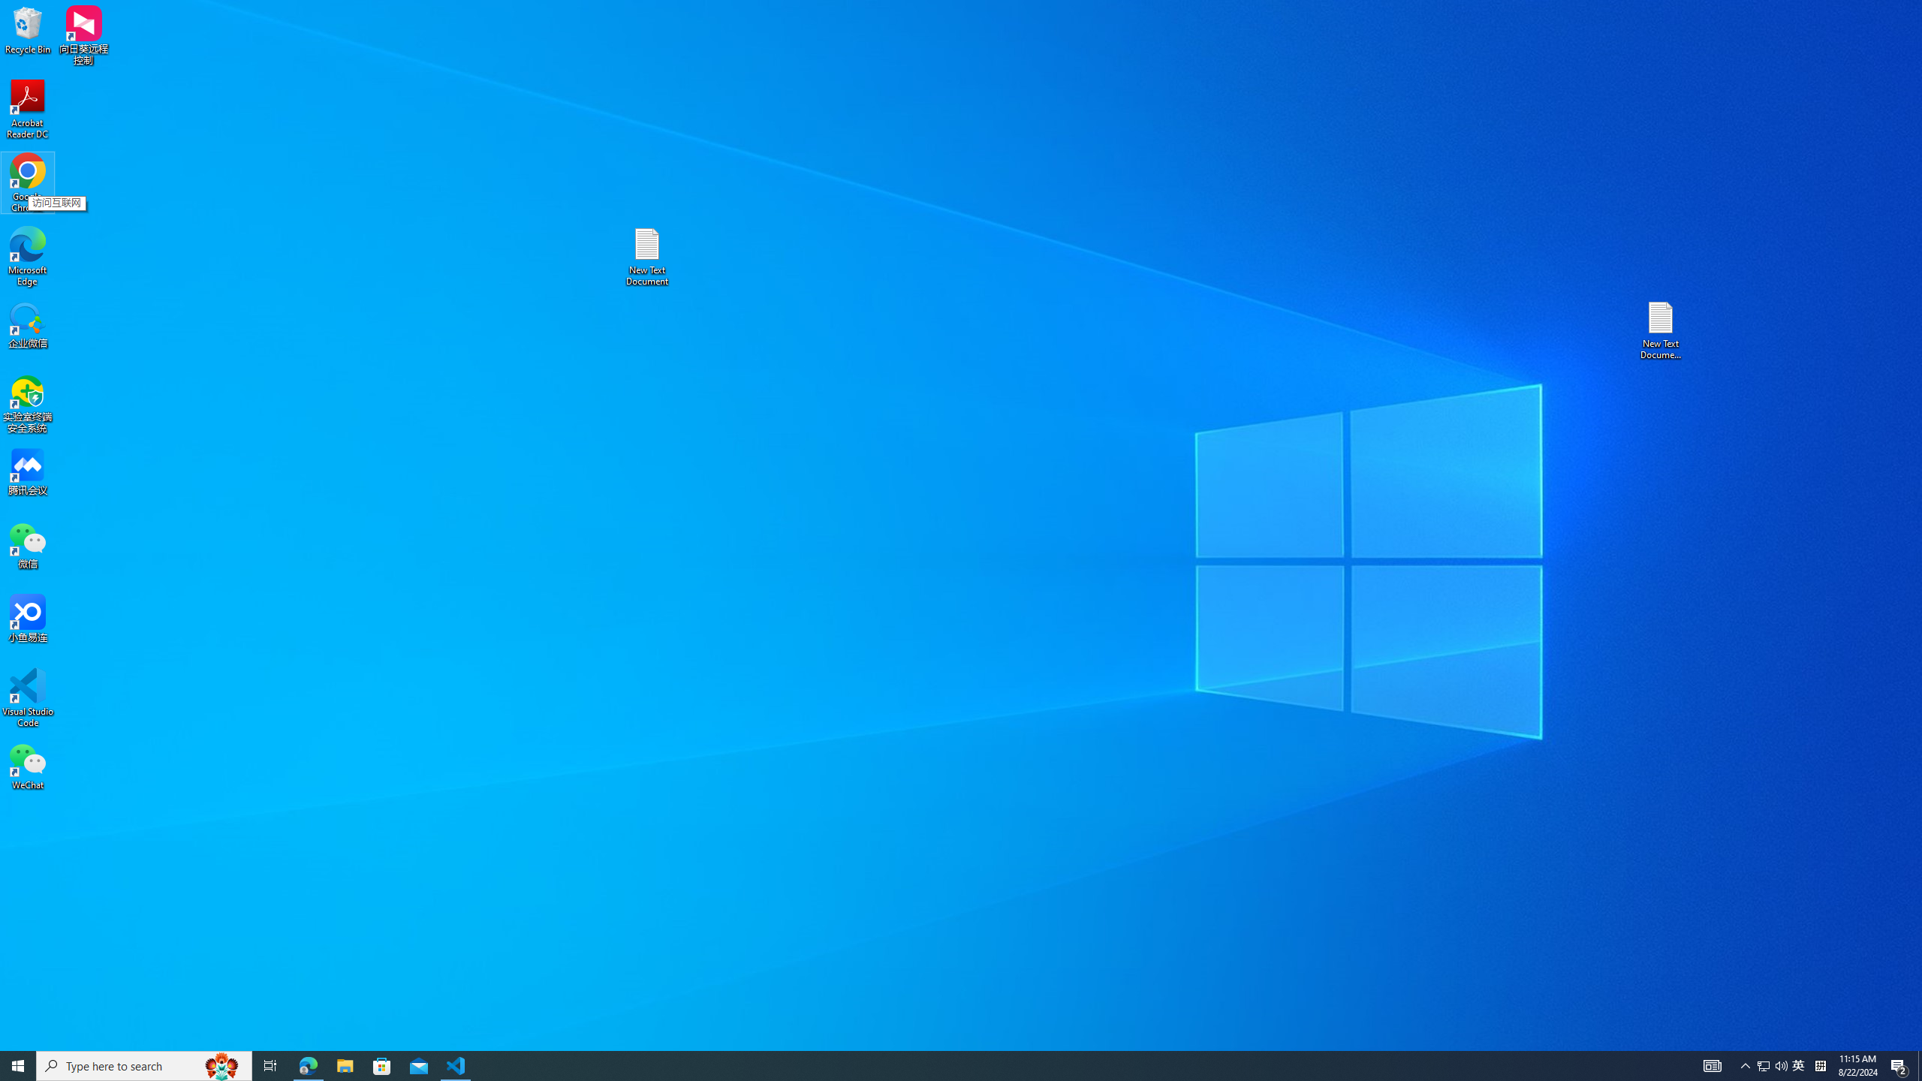  What do you see at coordinates (646, 256) in the screenshot?
I see `'New Text Document'` at bounding box center [646, 256].